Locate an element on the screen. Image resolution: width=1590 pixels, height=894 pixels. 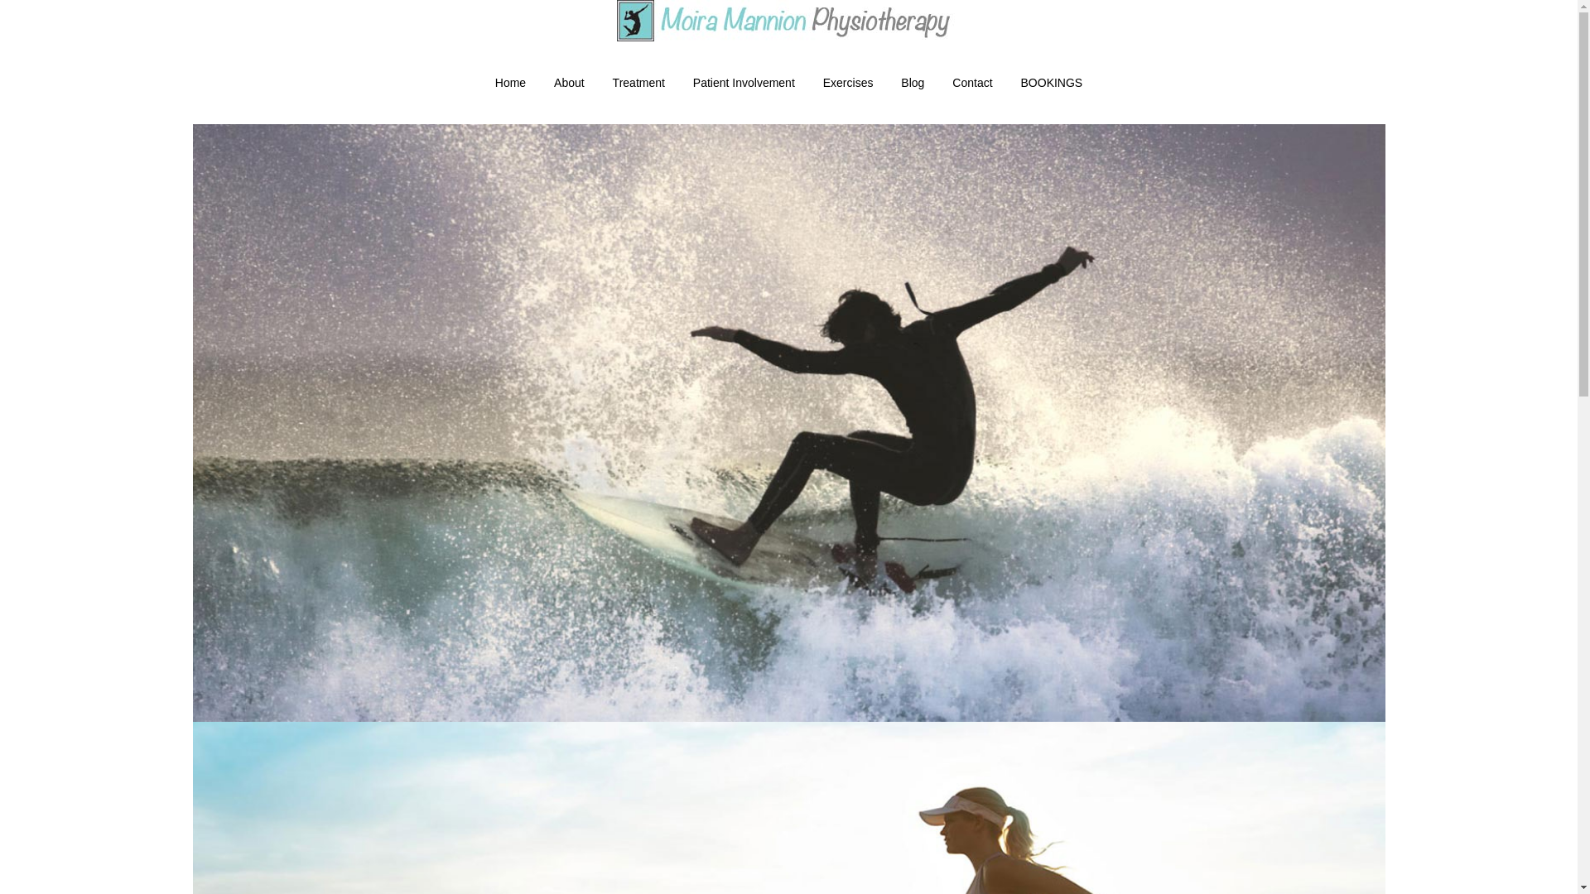
'BOOKINGS' is located at coordinates (1051, 83).